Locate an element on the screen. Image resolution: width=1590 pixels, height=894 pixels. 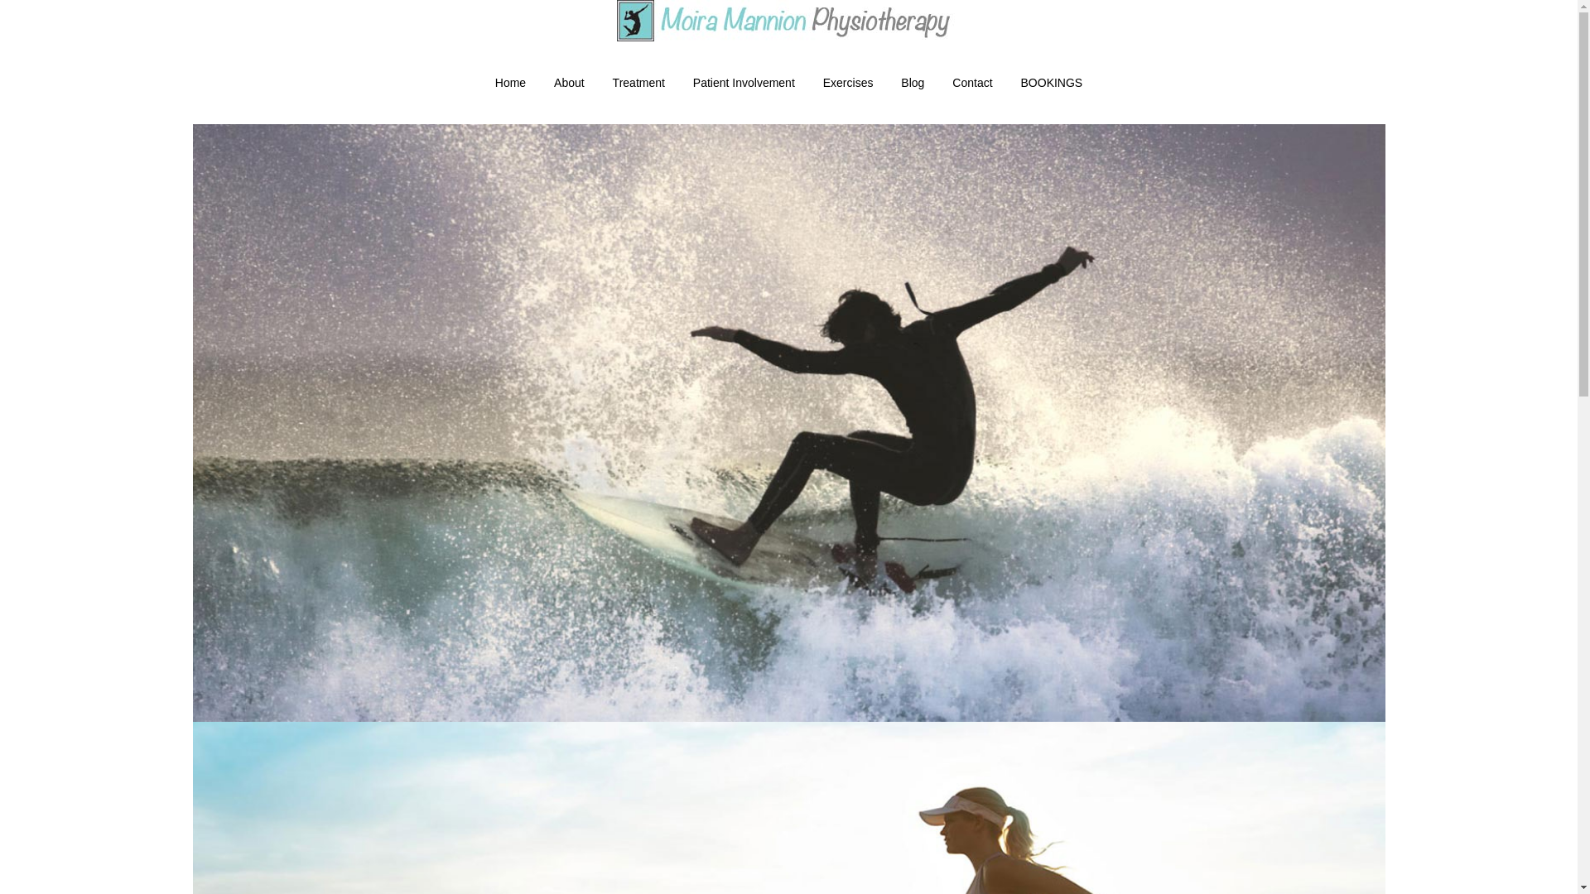
'BOOKINGS' is located at coordinates (1051, 83).